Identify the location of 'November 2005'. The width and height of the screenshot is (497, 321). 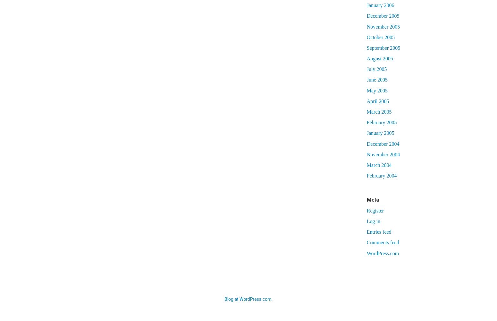
(366, 26).